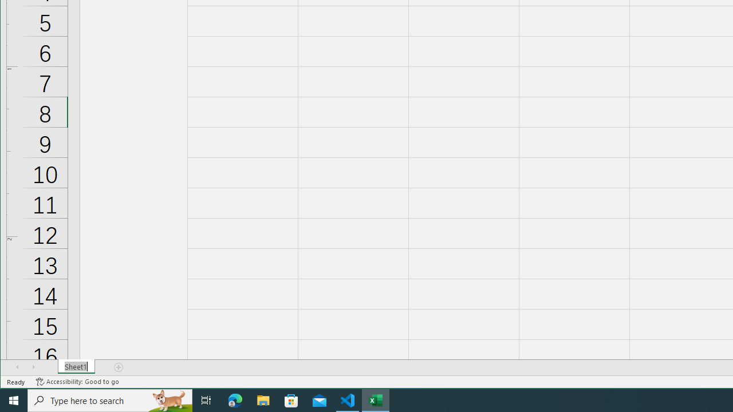  What do you see at coordinates (168, 399) in the screenshot?
I see `'Search highlights icon opens search home window'` at bounding box center [168, 399].